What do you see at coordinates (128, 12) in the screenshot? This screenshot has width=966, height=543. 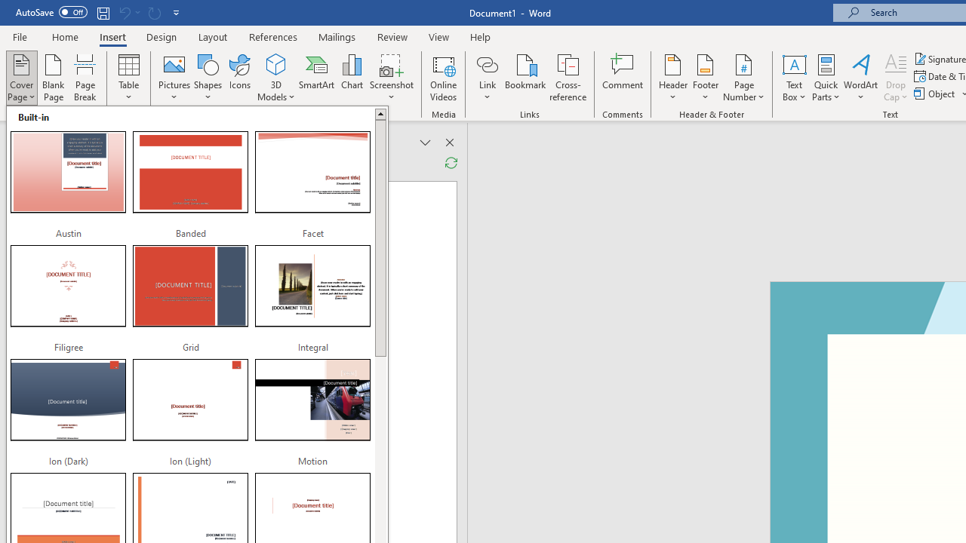 I see `'Can'` at bounding box center [128, 12].